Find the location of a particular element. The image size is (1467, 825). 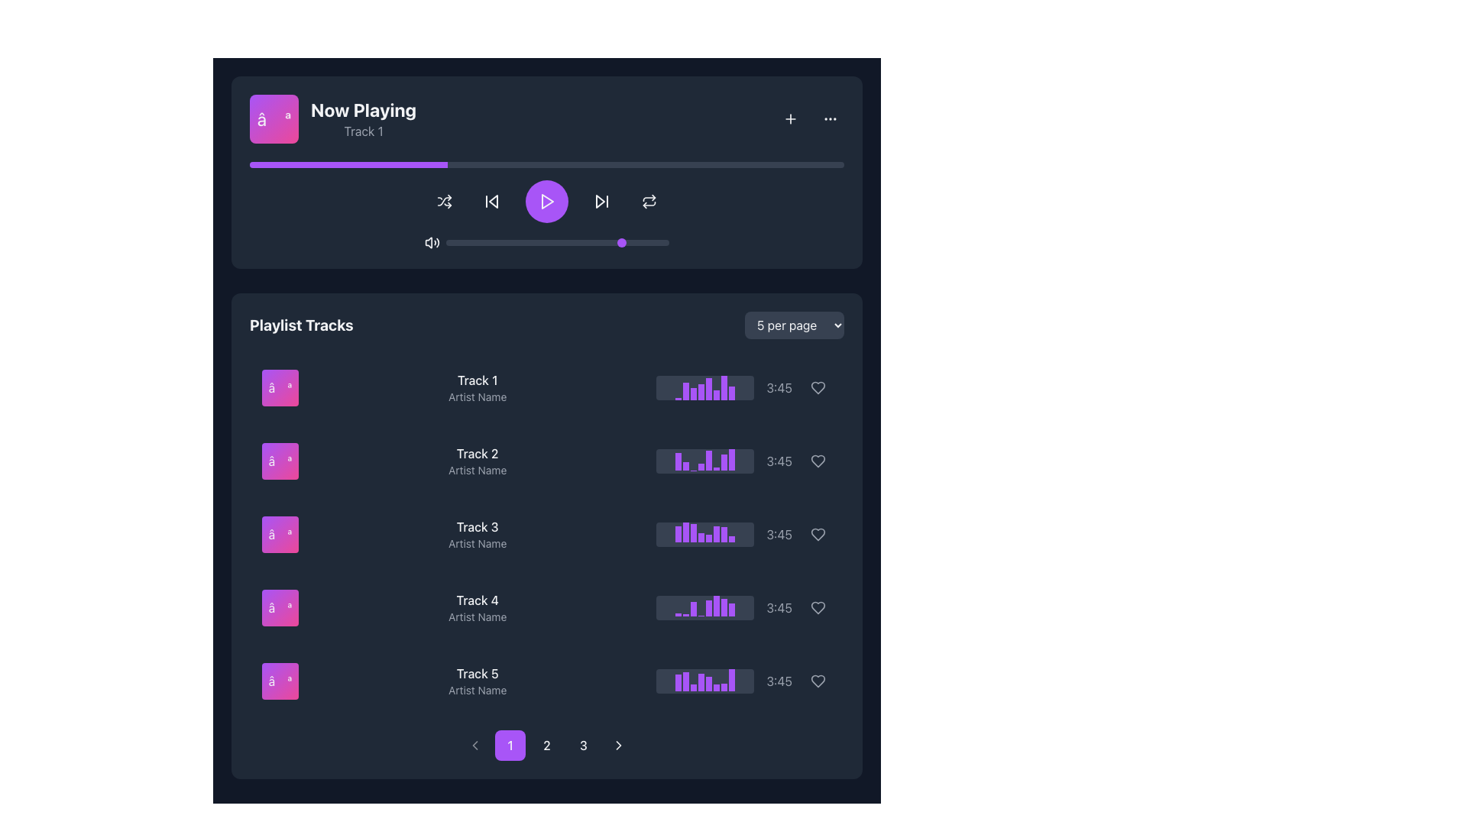

the fourth purple graphical bar element in the data visualization chart is located at coordinates (701, 391).